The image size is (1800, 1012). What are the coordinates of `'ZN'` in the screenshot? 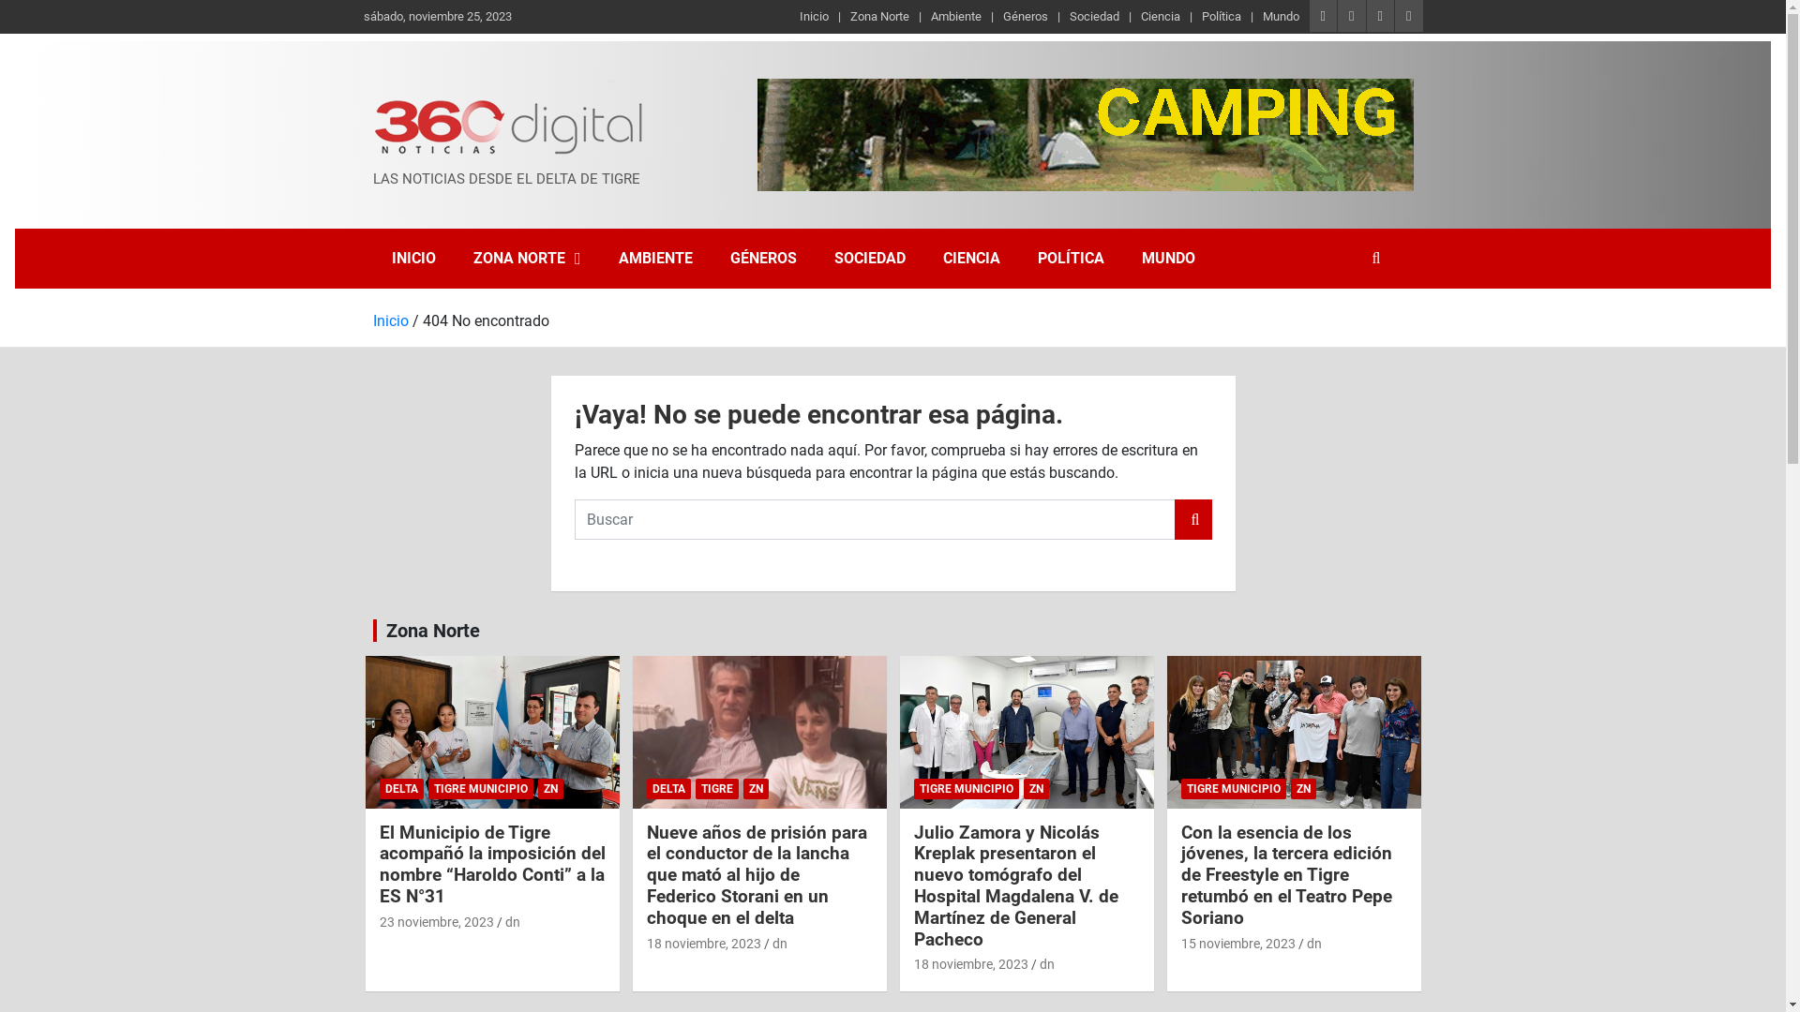 It's located at (1301, 788).